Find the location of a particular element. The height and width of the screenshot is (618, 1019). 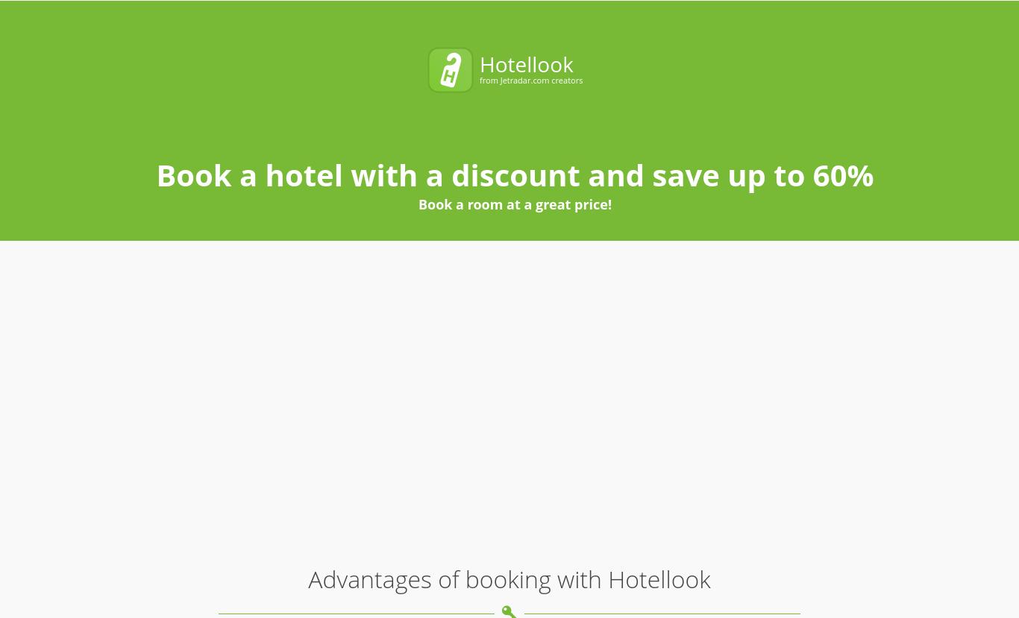

'Check Out' is located at coordinates (561, 28).